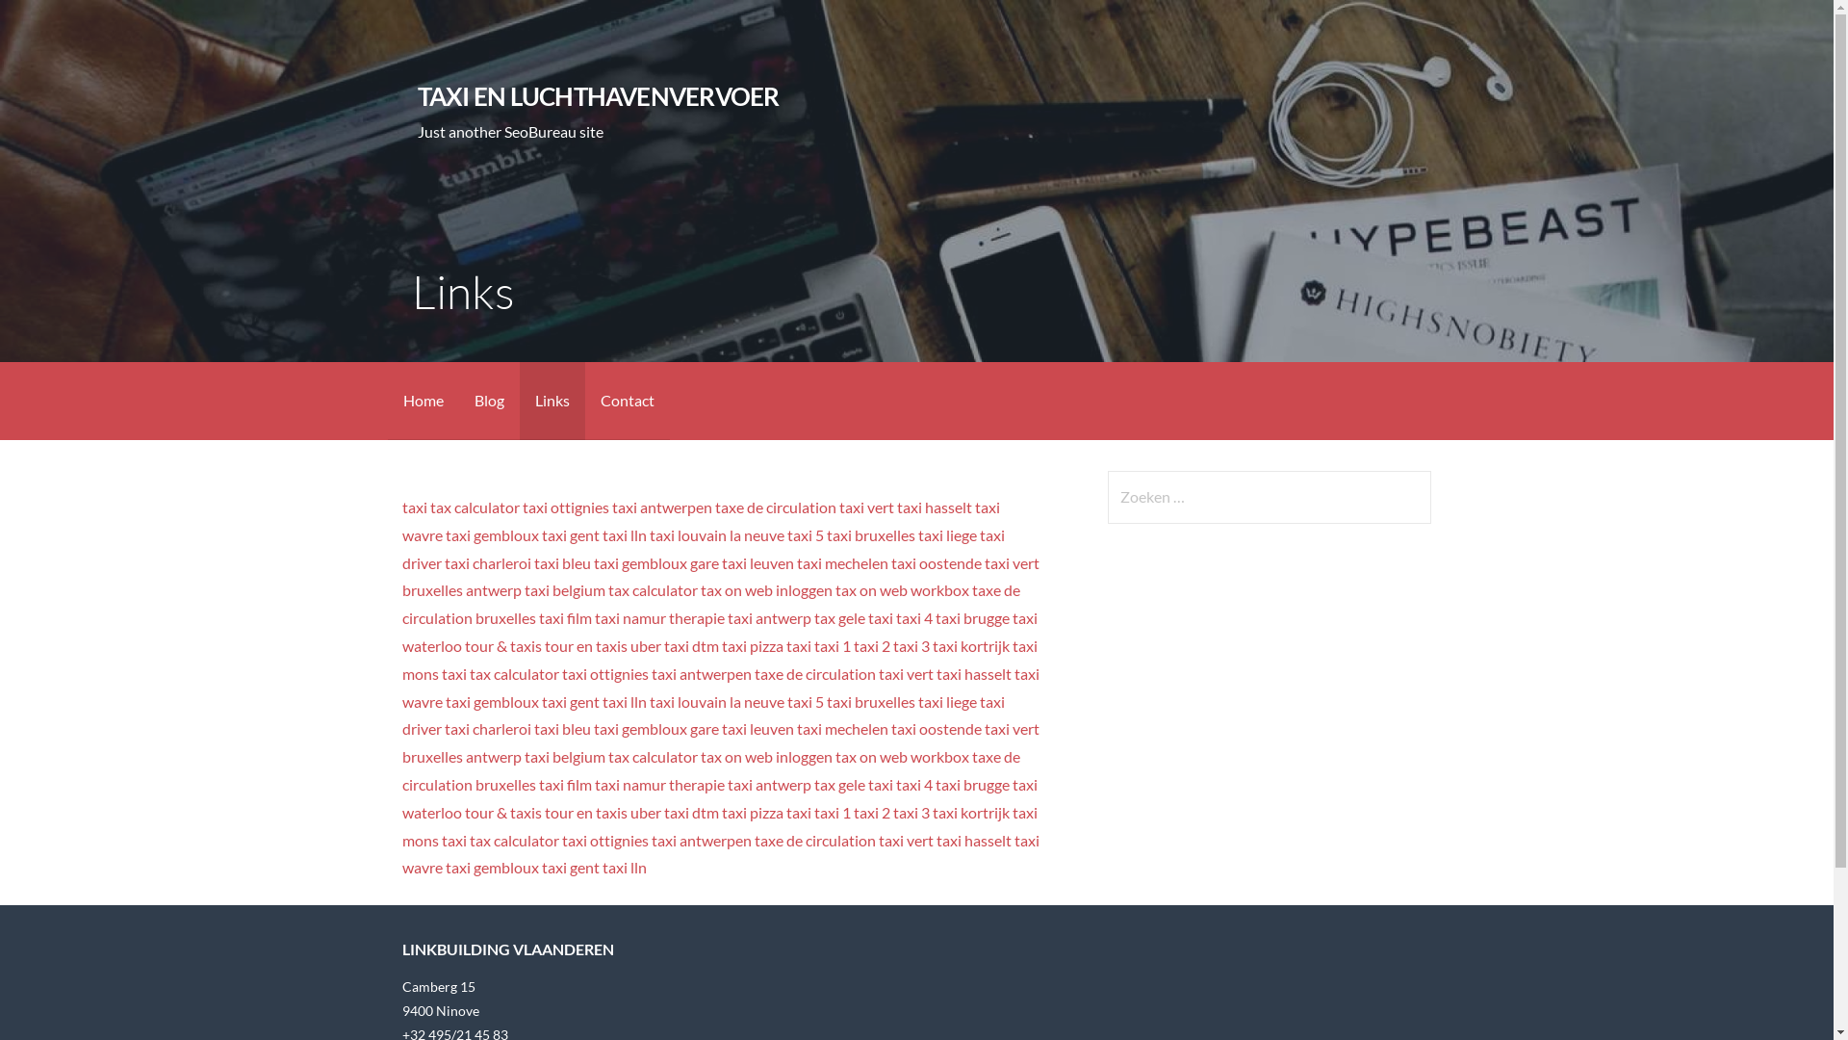  Describe the element at coordinates (655, 728) in the screenshot. I see `'taxi gembloux gare'` at that location.